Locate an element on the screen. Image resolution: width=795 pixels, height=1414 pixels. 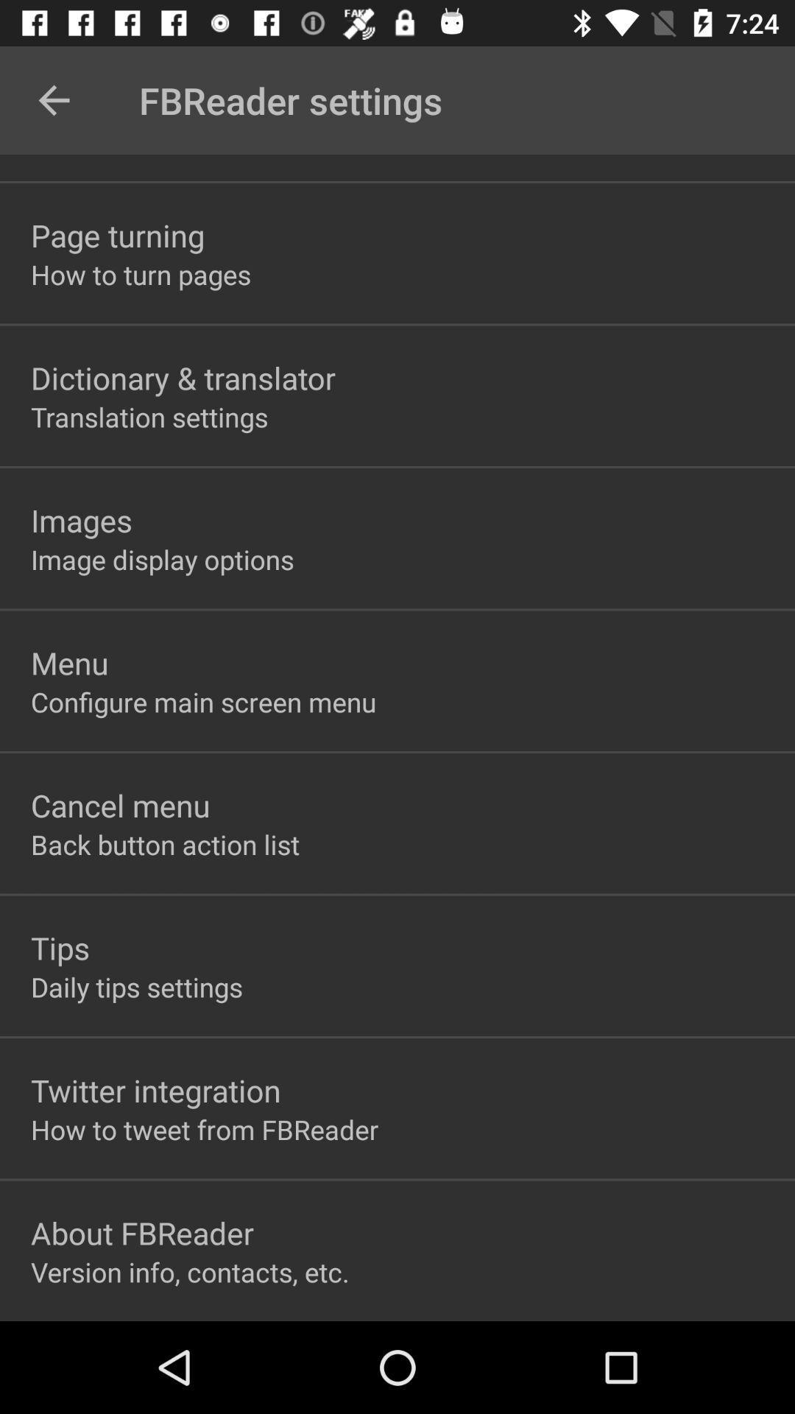
the dictionary & translator item is located at coordinates (183, 378).